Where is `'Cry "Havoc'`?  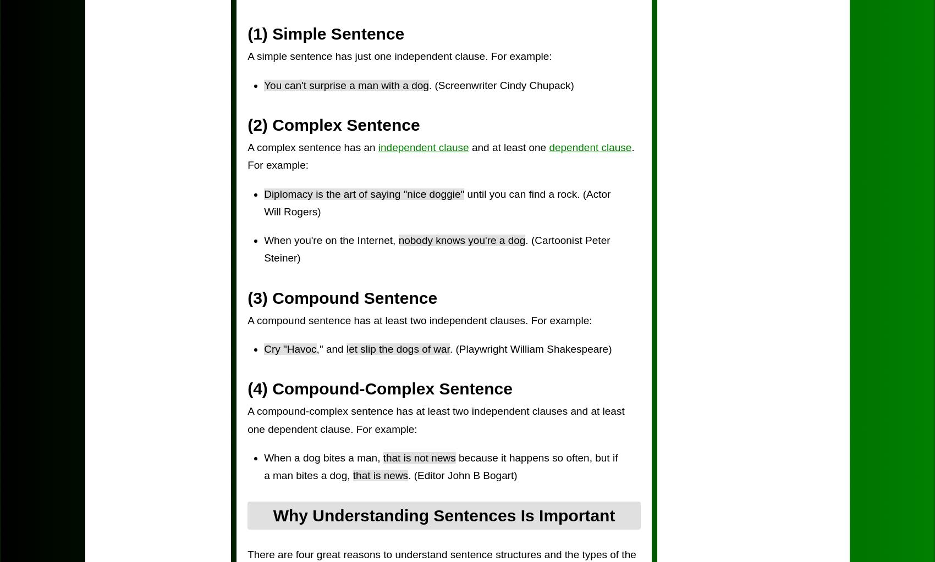
'Cry "Havoc' is located at coordinates (290, 349).